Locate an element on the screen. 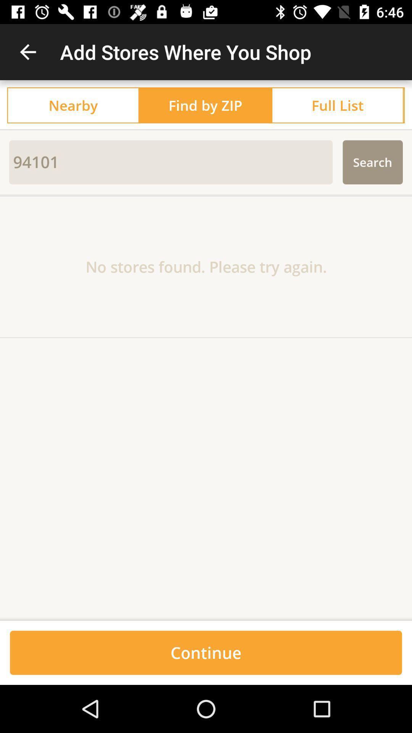 The image size is (412, 733). the icon to the left of add stores where app is located at coordinates (27, 52).